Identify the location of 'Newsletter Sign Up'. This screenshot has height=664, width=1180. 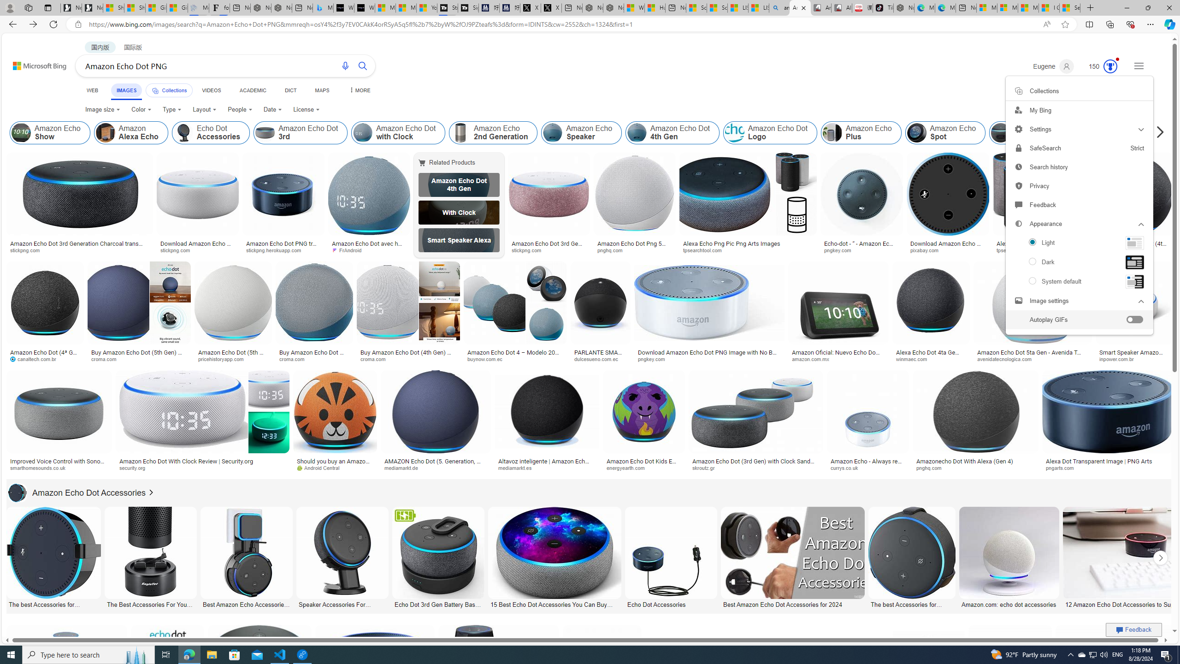
(92, 7).